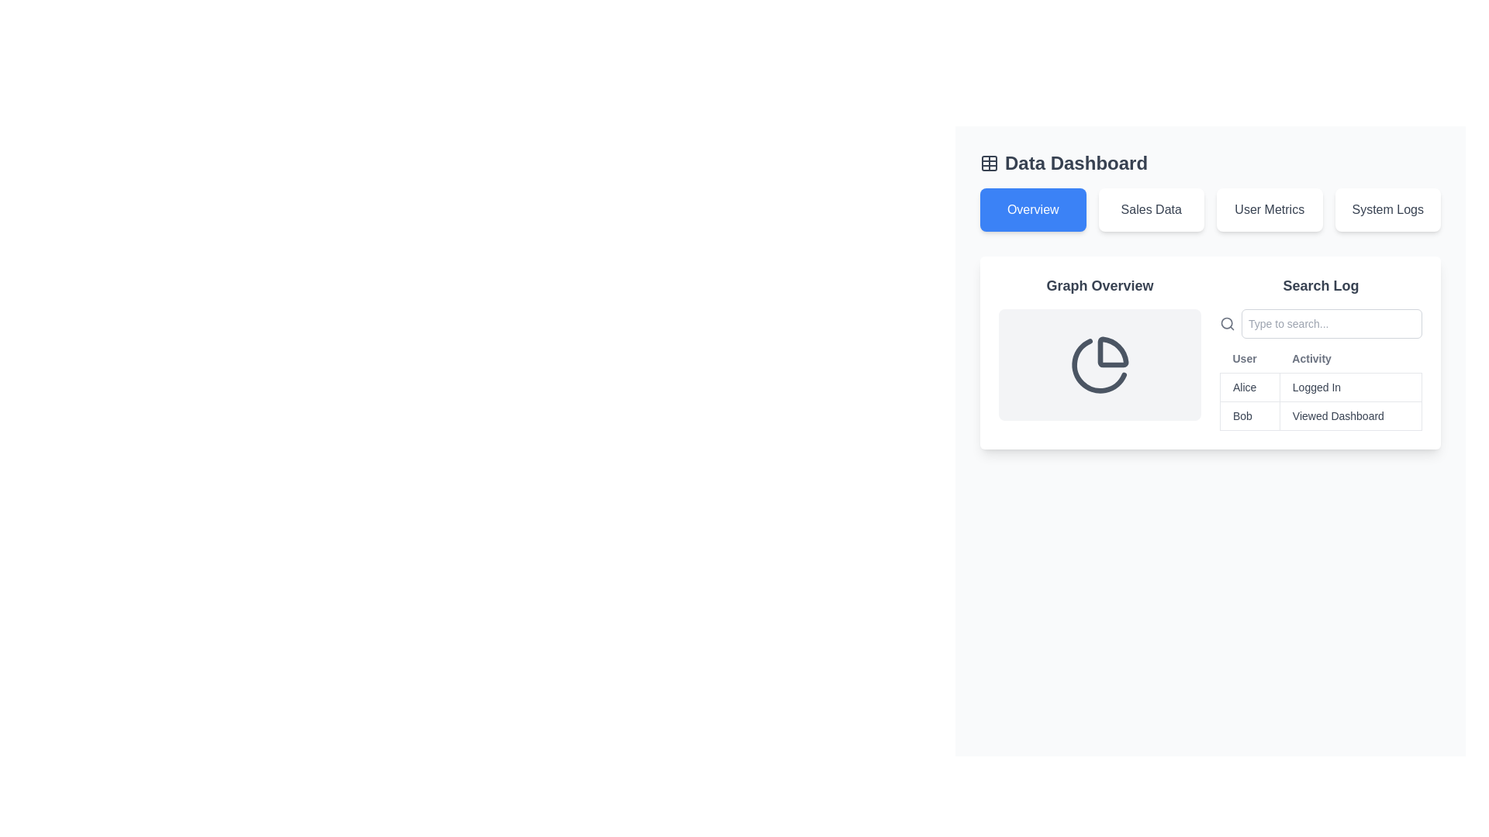  Describe the element at coordinates (1320, 353) in the screenshot. I see `the title of the composite element displaying user activities` at that location.